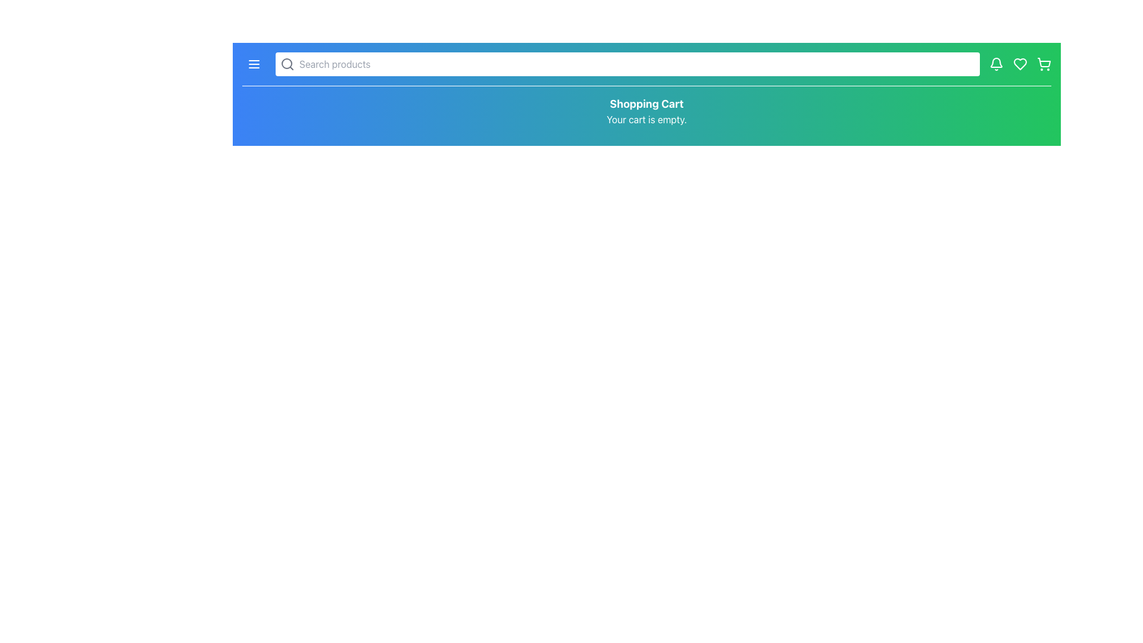  I want to click on shopping cart label located at the top of the page, which indicates the current section of the page, so click(646, 103).